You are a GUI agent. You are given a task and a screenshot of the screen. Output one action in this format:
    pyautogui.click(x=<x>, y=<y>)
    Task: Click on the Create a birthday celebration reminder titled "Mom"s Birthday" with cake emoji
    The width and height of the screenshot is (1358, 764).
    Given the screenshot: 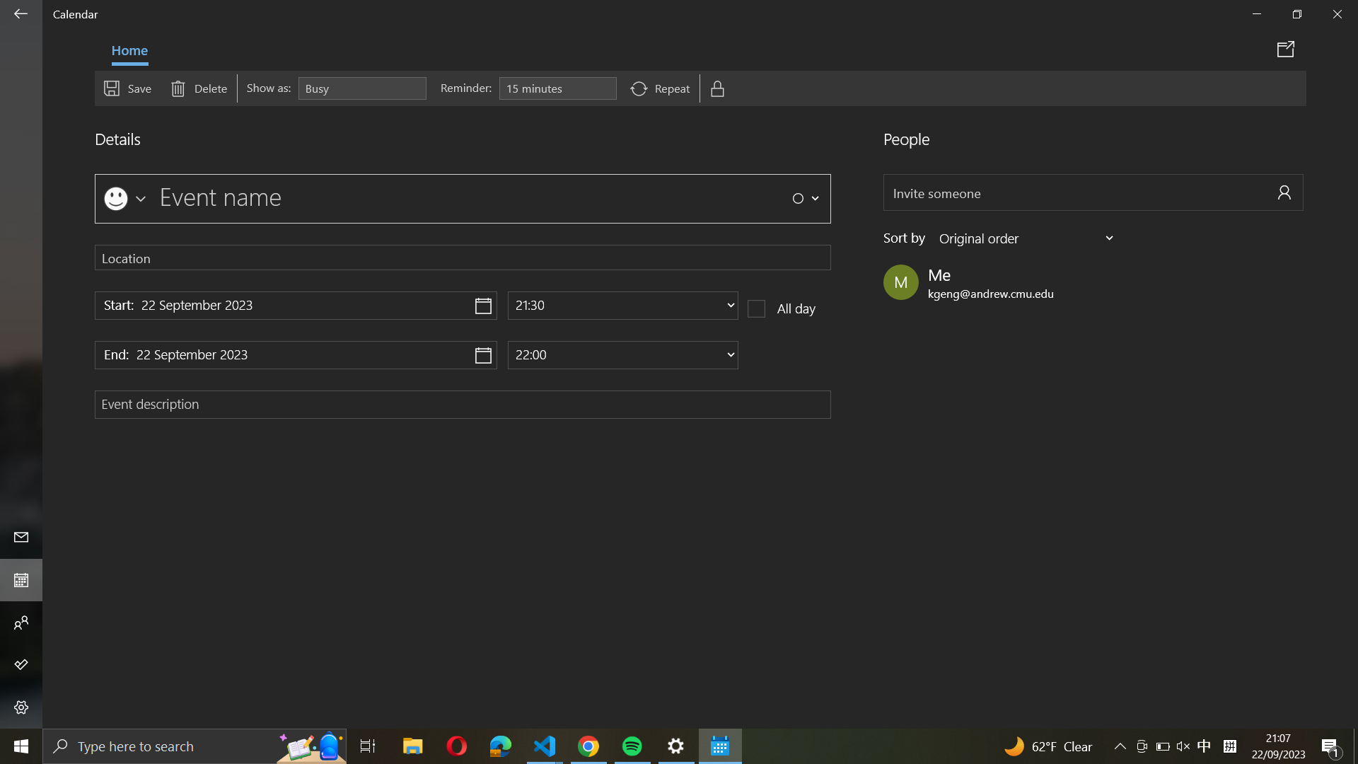 What is the action you would take?
    pyautogui.click(x=123, y=196)
    